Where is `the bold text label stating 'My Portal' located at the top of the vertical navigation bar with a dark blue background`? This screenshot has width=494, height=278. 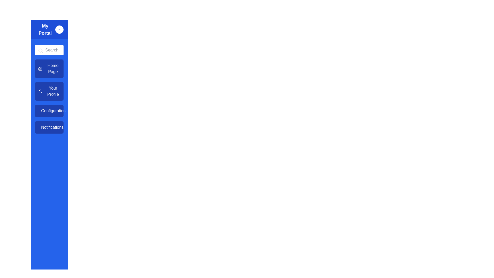 the bold text label stating 'My Portal' located at the top of the vertical navigation bar with a dark blue background is located at coordinates (45, 30).